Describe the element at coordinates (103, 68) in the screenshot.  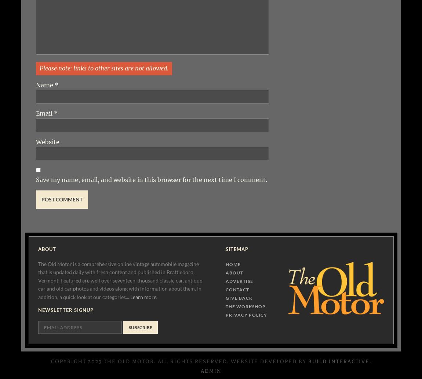
I see `'Please note: links to other sites are not allowed.'` at that location.